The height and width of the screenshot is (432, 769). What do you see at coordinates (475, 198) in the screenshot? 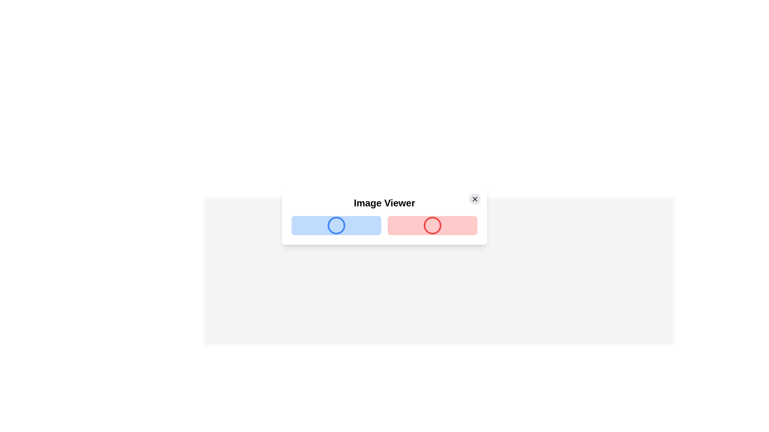
I see `the diagonal cross within the Close (X) button at the top-right corner of the 'Image Viewer' dialog box` at bounding box center [475, 198].